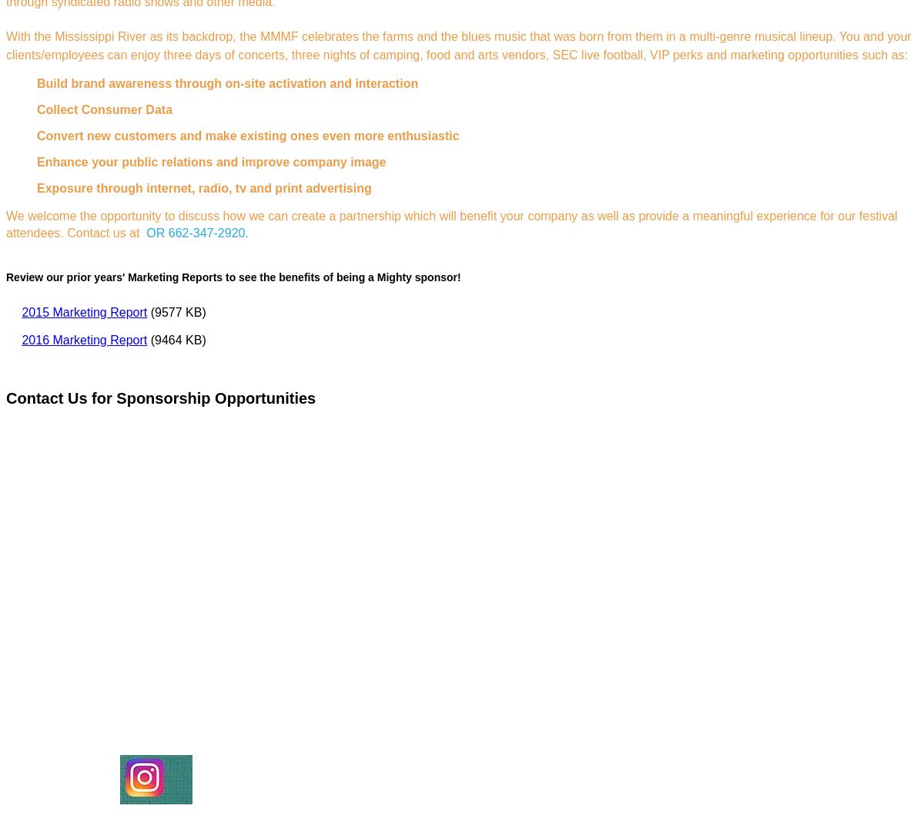  What do you see at coordinates (84, 311) in the screenshot?
I see `'2015 Marketing Report'` at bounding box center [84, 311].